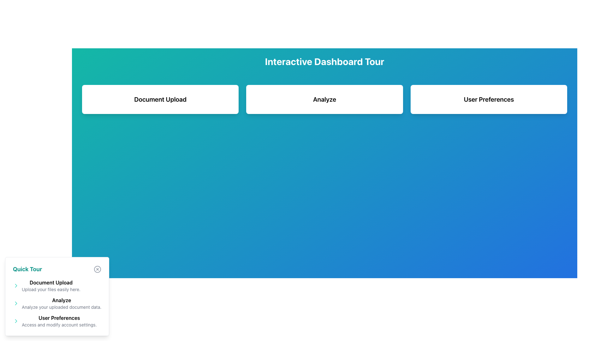 The width and height of the screenshot is (606, 341). Describe the element at coordinates (16, 303) in the screenshot. I see `the teal right-pointing arrow icon located next to the 'Analyze' label in the vertical menu` at that location.